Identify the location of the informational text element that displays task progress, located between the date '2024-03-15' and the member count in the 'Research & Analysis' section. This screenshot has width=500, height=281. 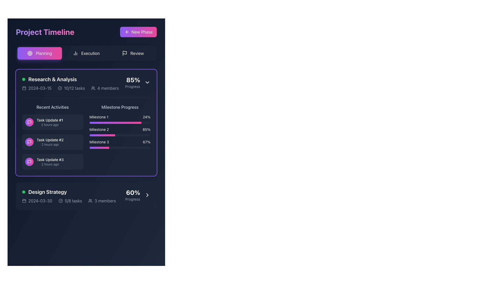
(71, 88).